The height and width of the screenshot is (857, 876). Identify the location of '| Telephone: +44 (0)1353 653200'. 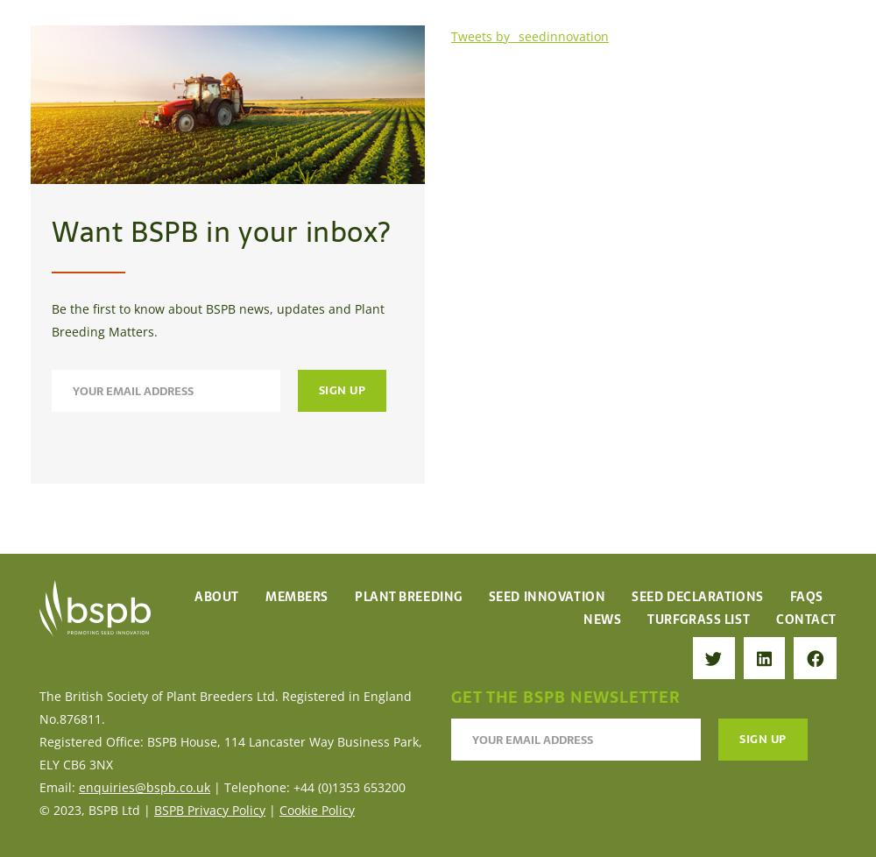
(307, 785).